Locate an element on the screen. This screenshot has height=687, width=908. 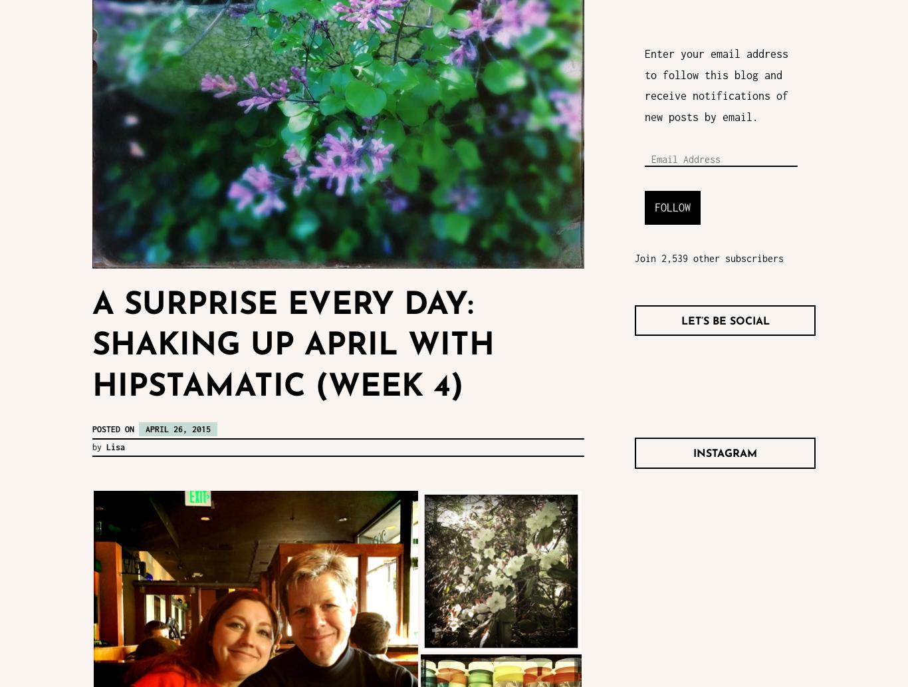
'A Surprise Every Day:  Shaking Up April With Hipstamatic (week 4)' is located at coordinates (292, 346).